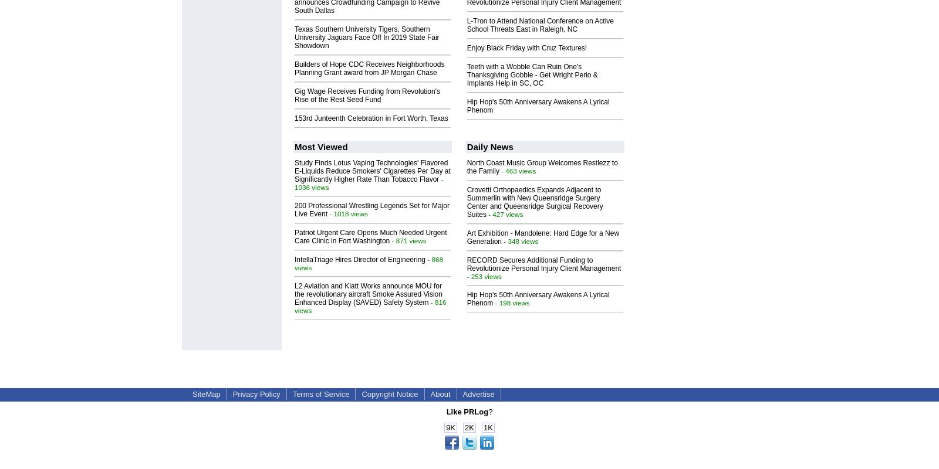 The image size is (939, 469). Describe the element at coordinates (516, 170) in the screenshot. I see `'- 463 views'` at that location.